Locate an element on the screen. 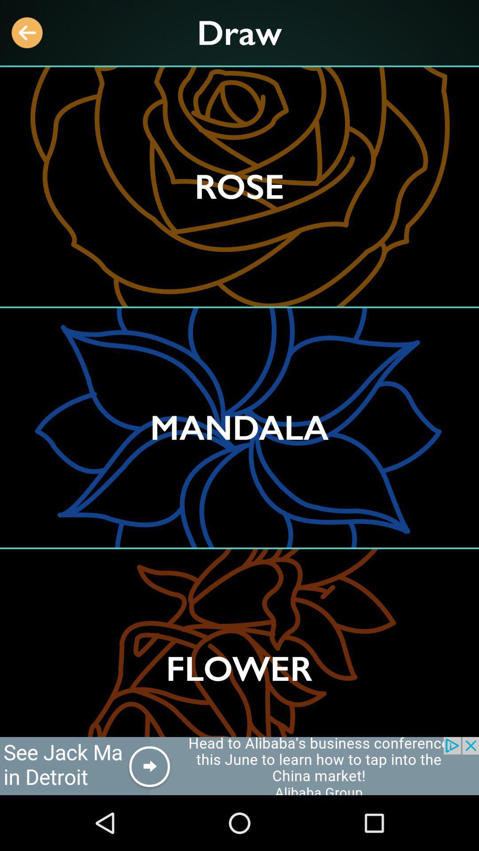 The image size is (479, 851). the arrow_backward icon is located at coordinates (27, 32).